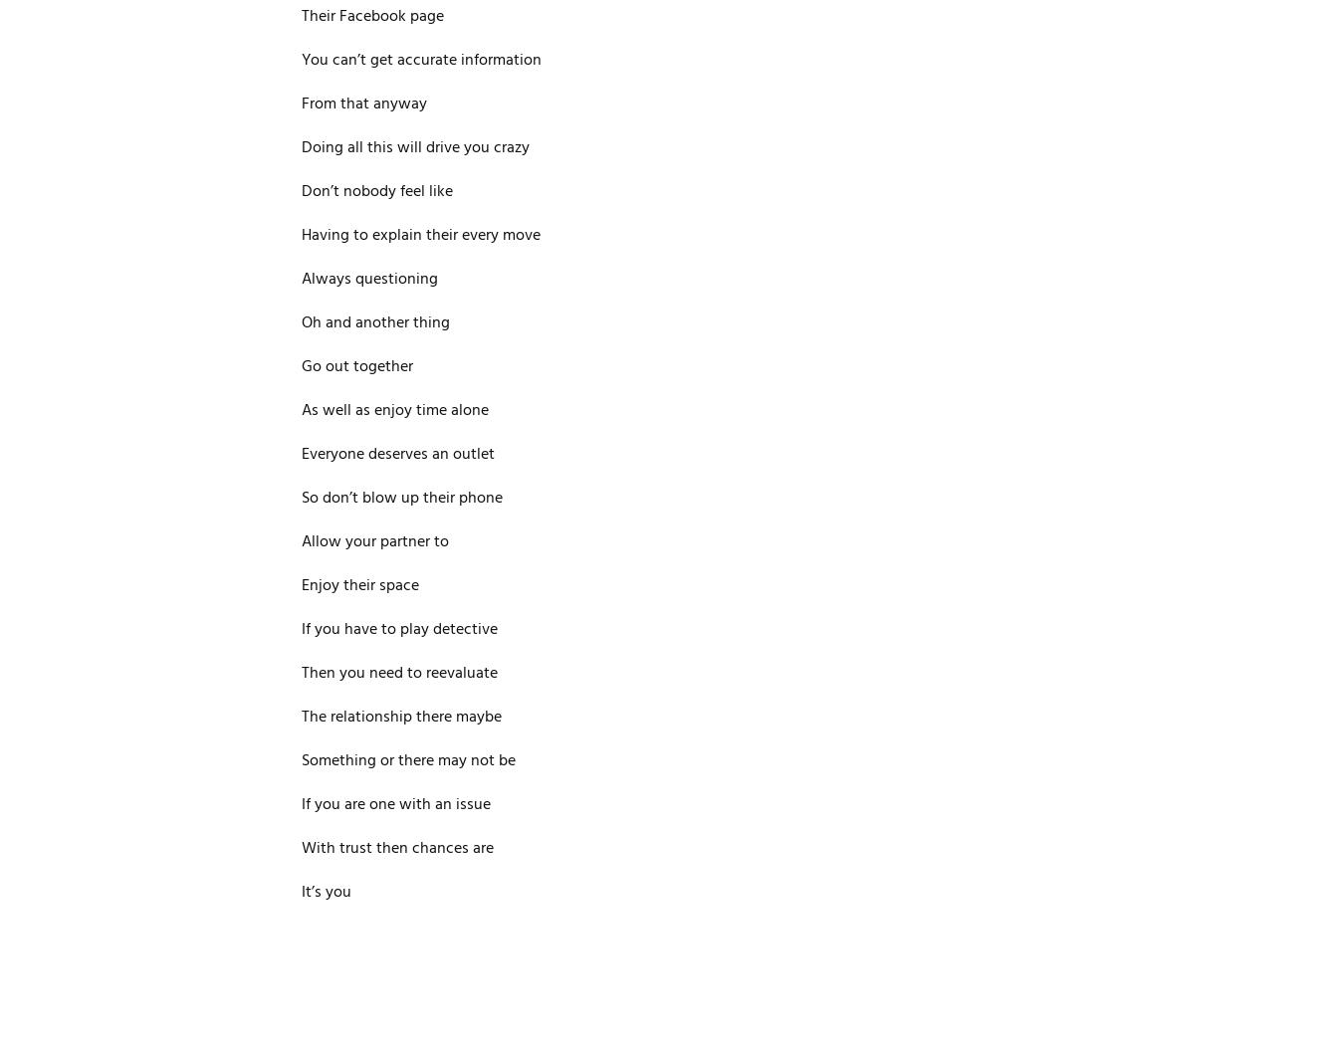 The height and width of the screenshot is (1041, 1334). Describe the element at coordinates (407, 760) in the screenshot. I see `'Something or there may not be'` at that location.